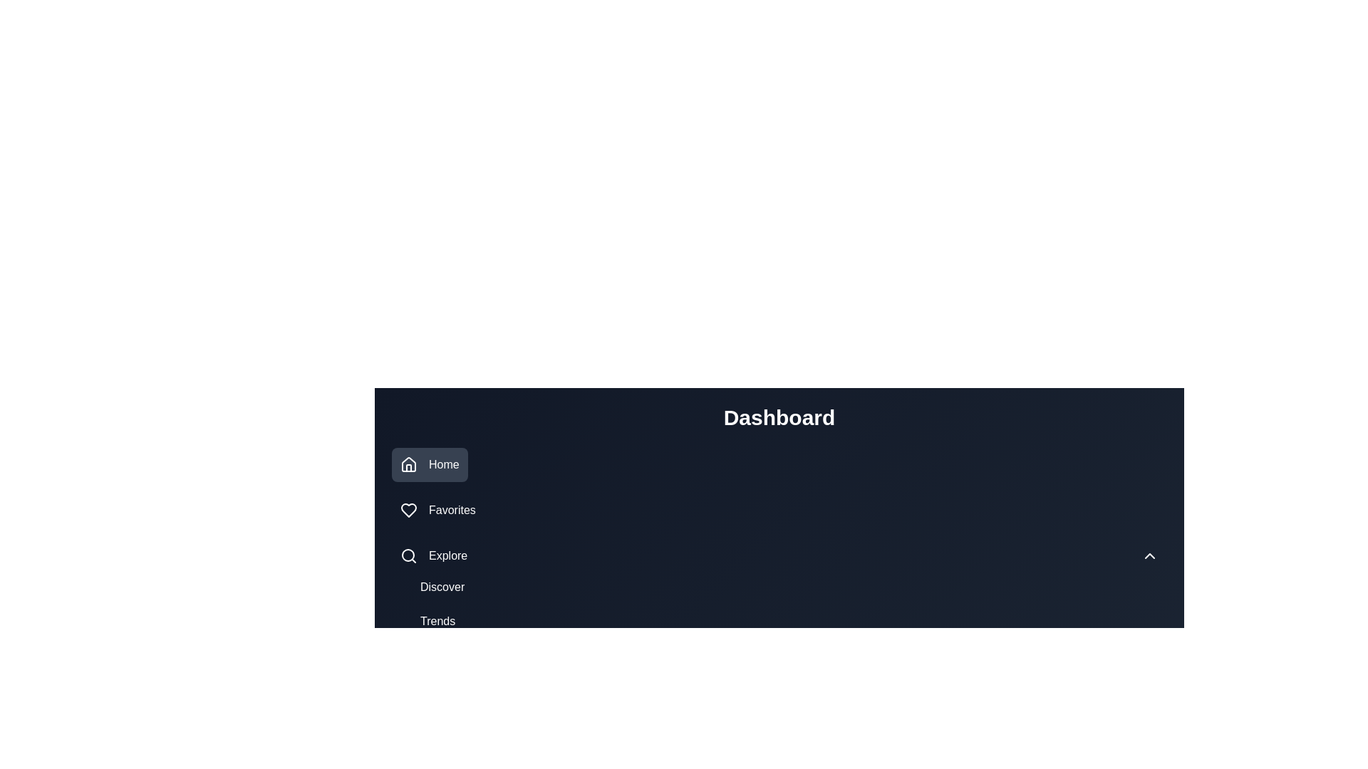 Image resolution: width=1368 pixels, height=769 pixels. I want to click on the chevron icon on the far right side of the 'Explore' section, so click(1149, 555).